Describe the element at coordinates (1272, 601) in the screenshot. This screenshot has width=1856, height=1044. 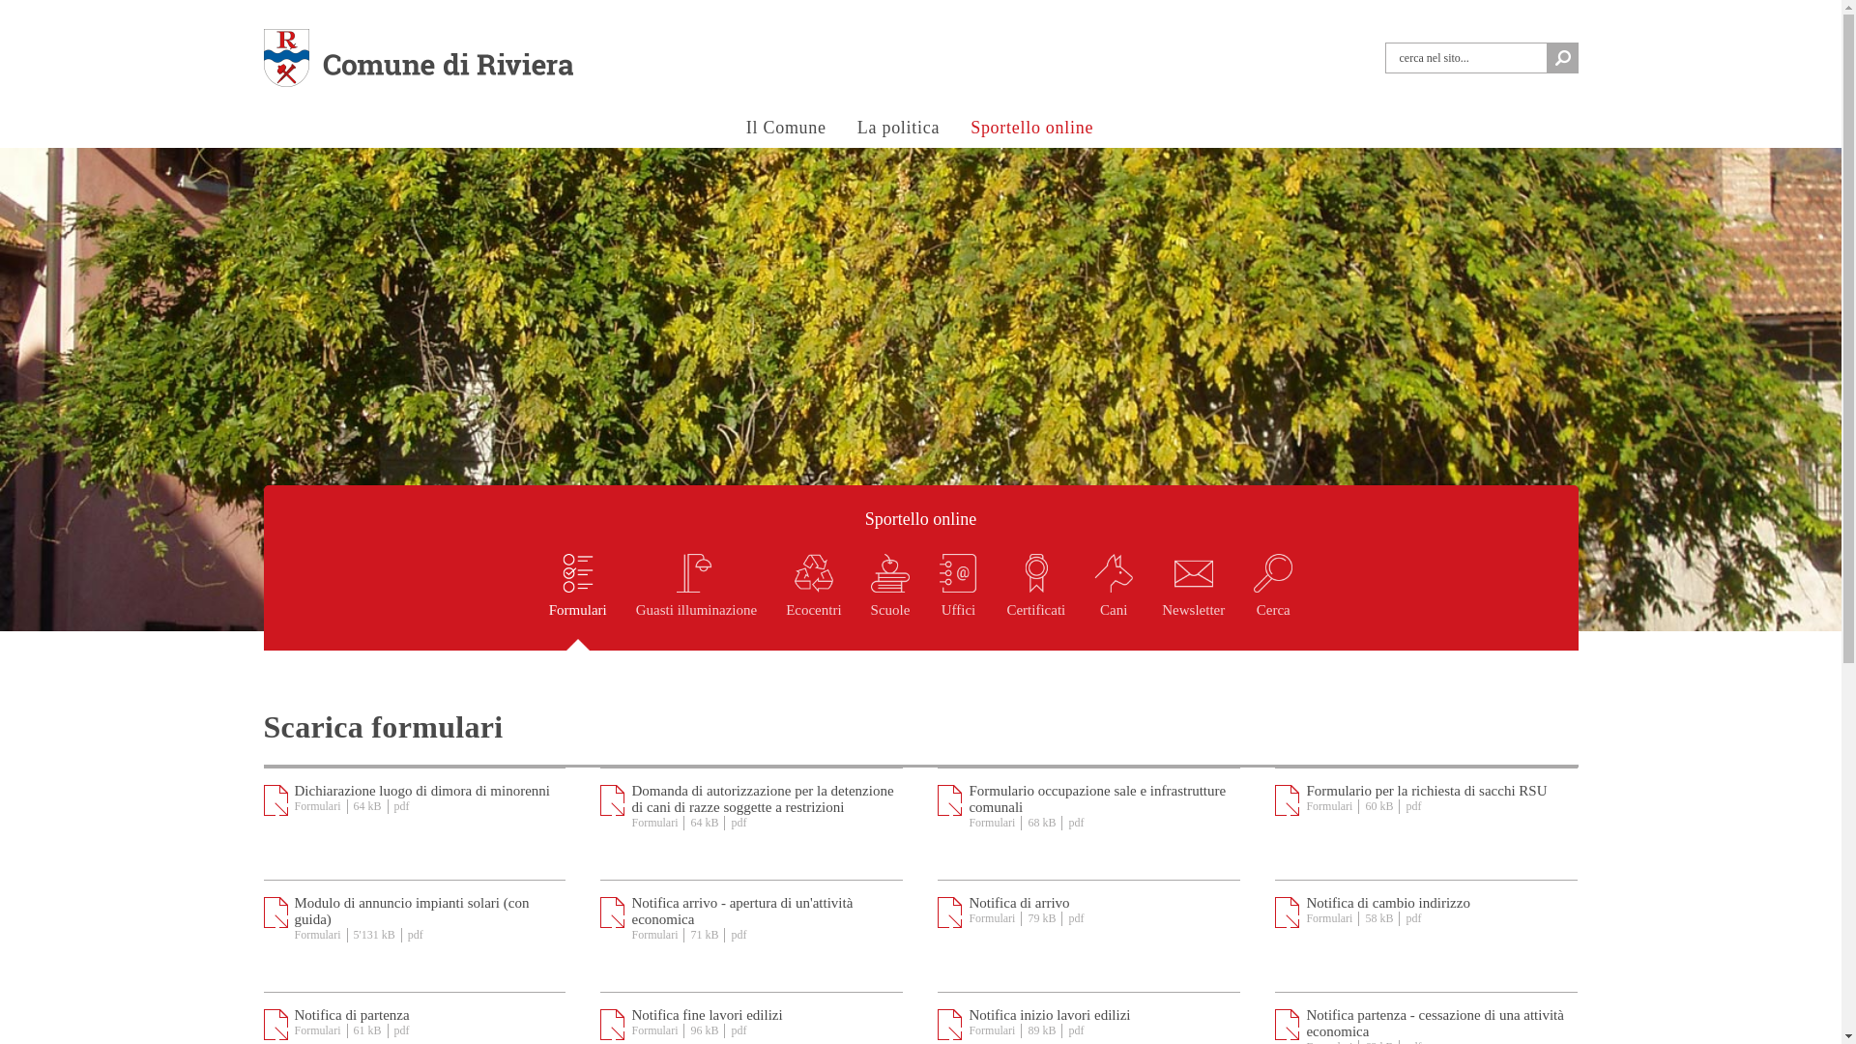
I see `'Cerca'` at that location.